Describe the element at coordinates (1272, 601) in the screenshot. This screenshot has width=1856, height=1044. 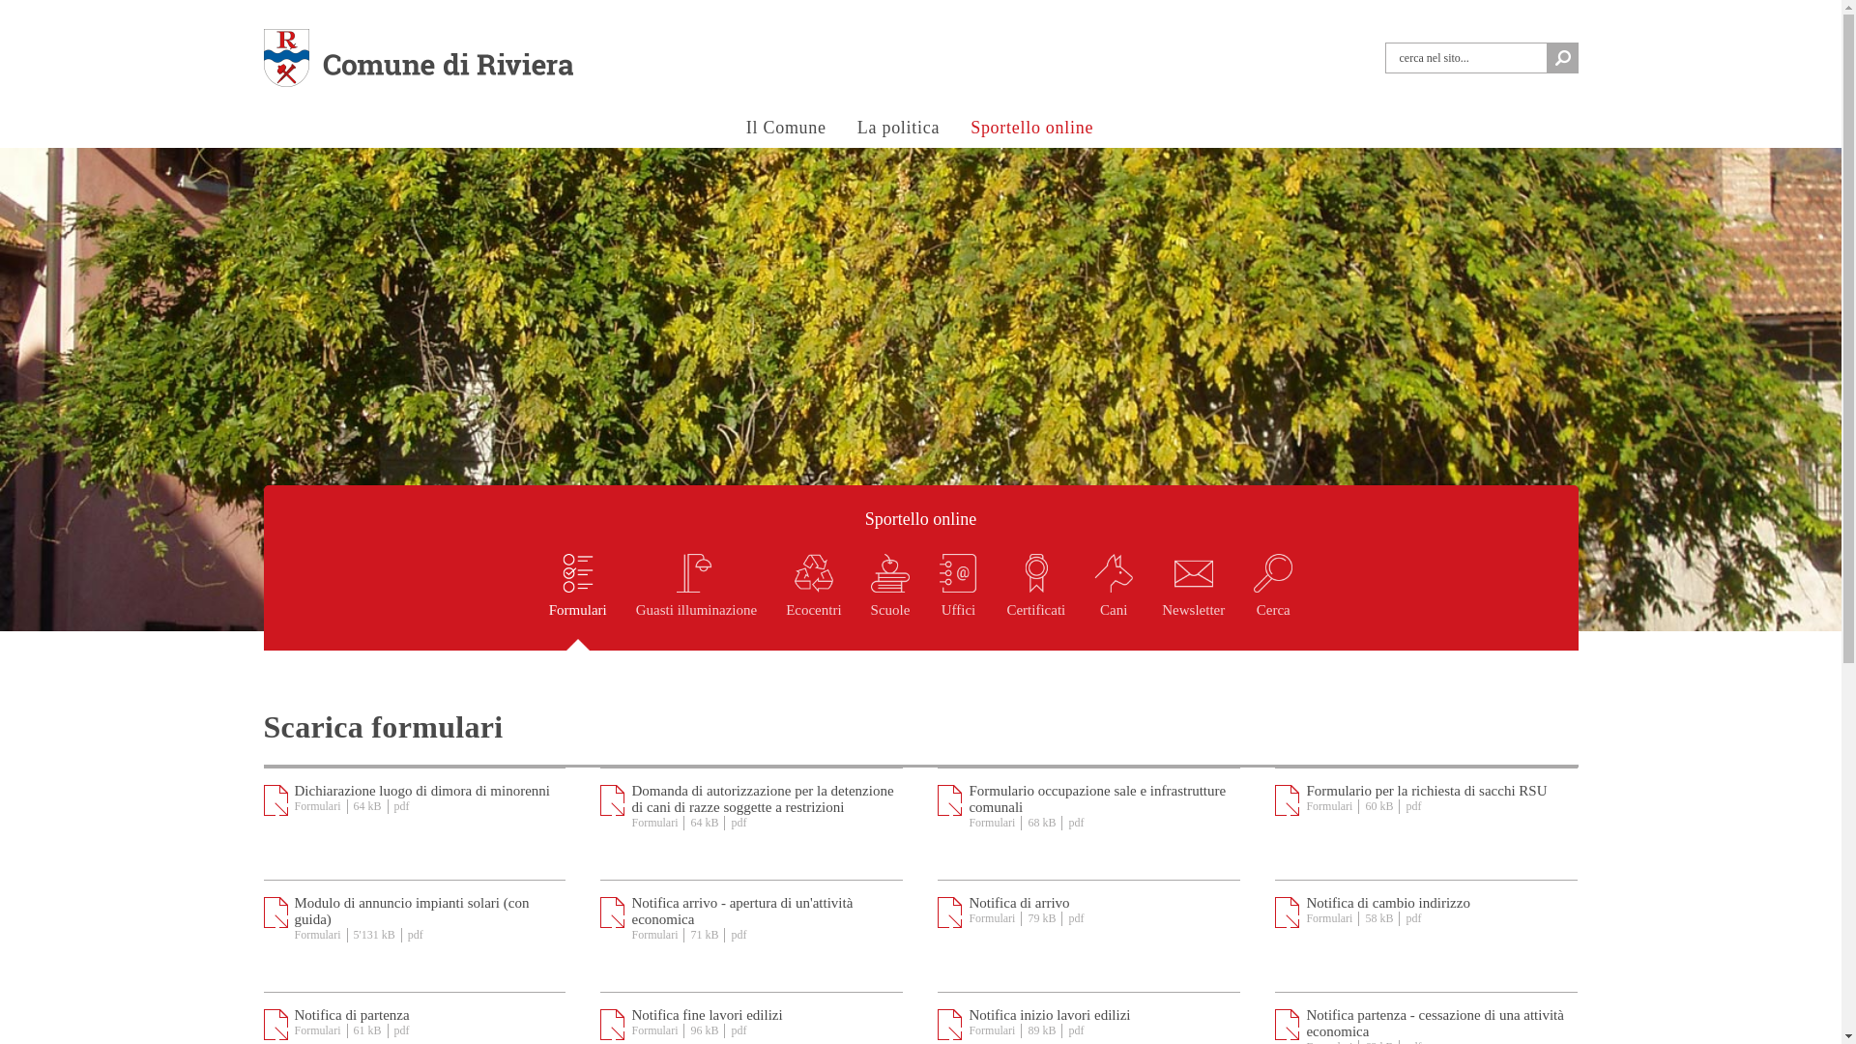
I see `'Cerca'` at that location.